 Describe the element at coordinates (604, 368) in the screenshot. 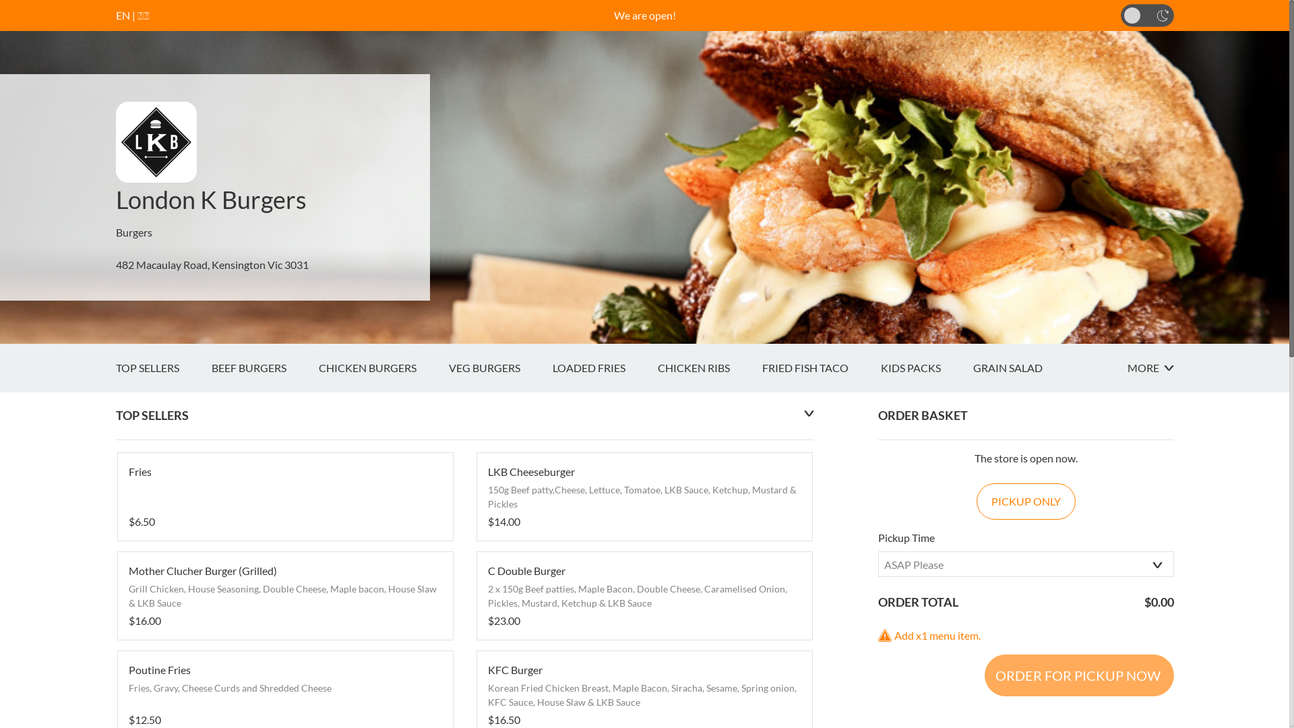

I see `'LOADED FRIES'` at that location.